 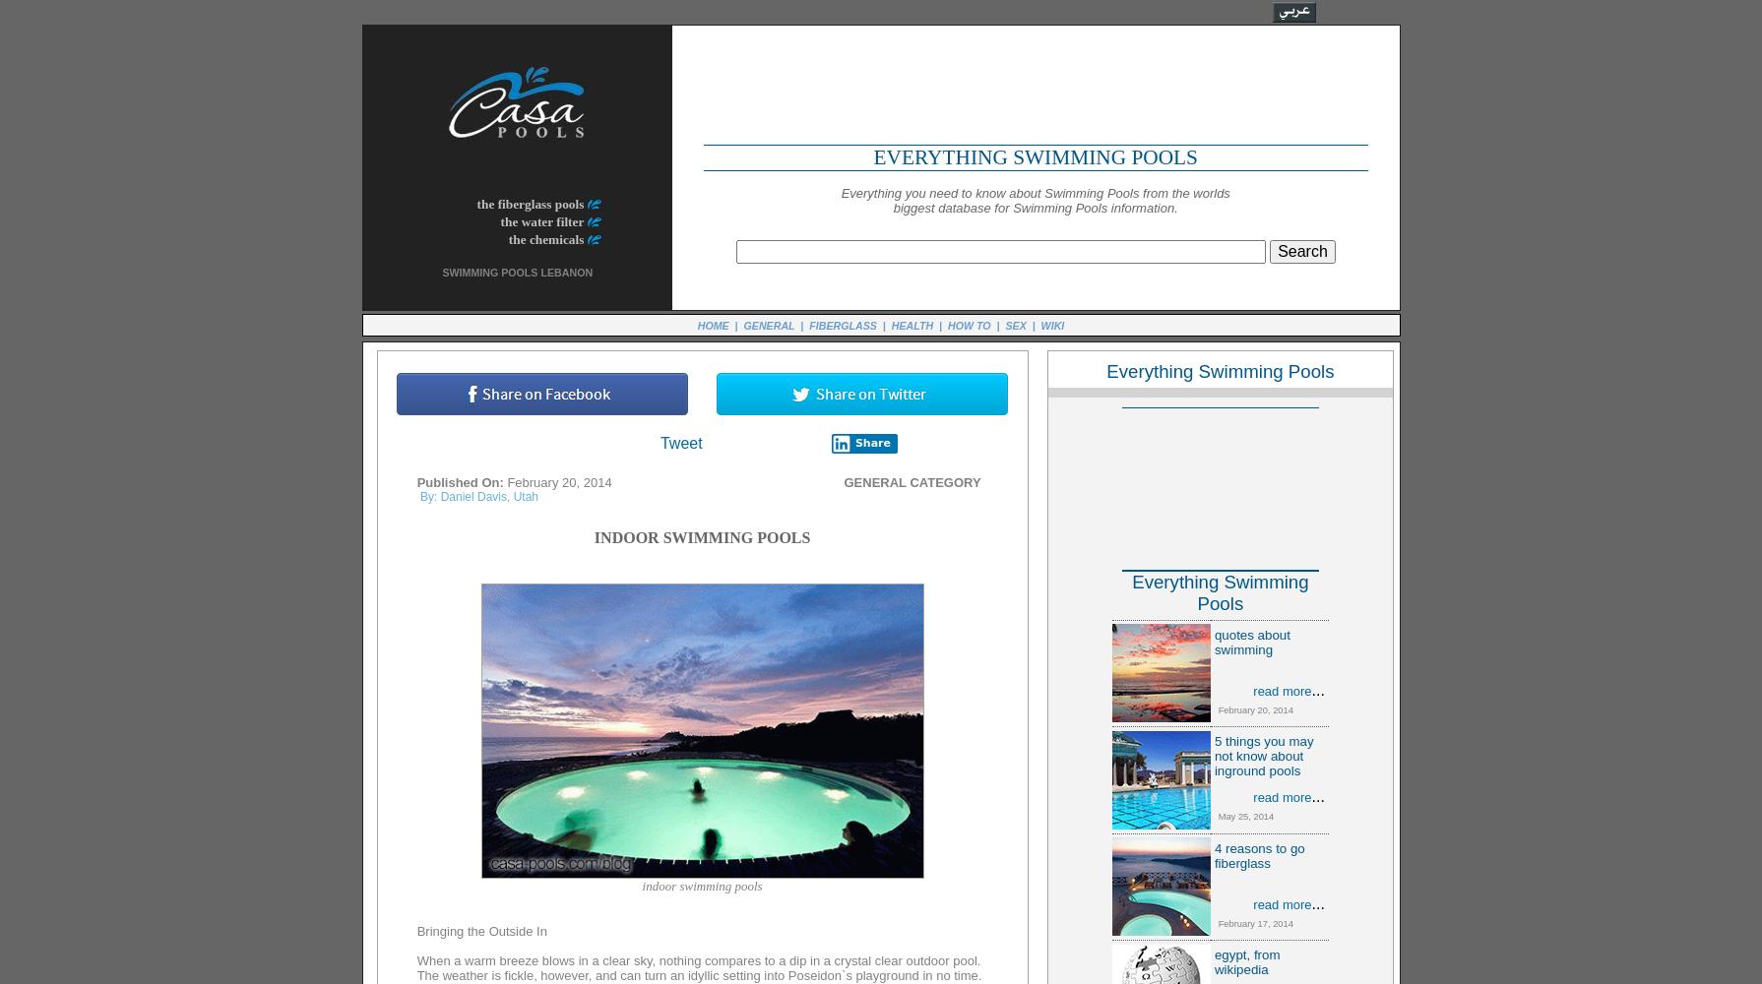 What do you see at coordinates (1241, 816) in the screenshot?
I see `'May 25, 2014'` at bounding box center [1241, 816].